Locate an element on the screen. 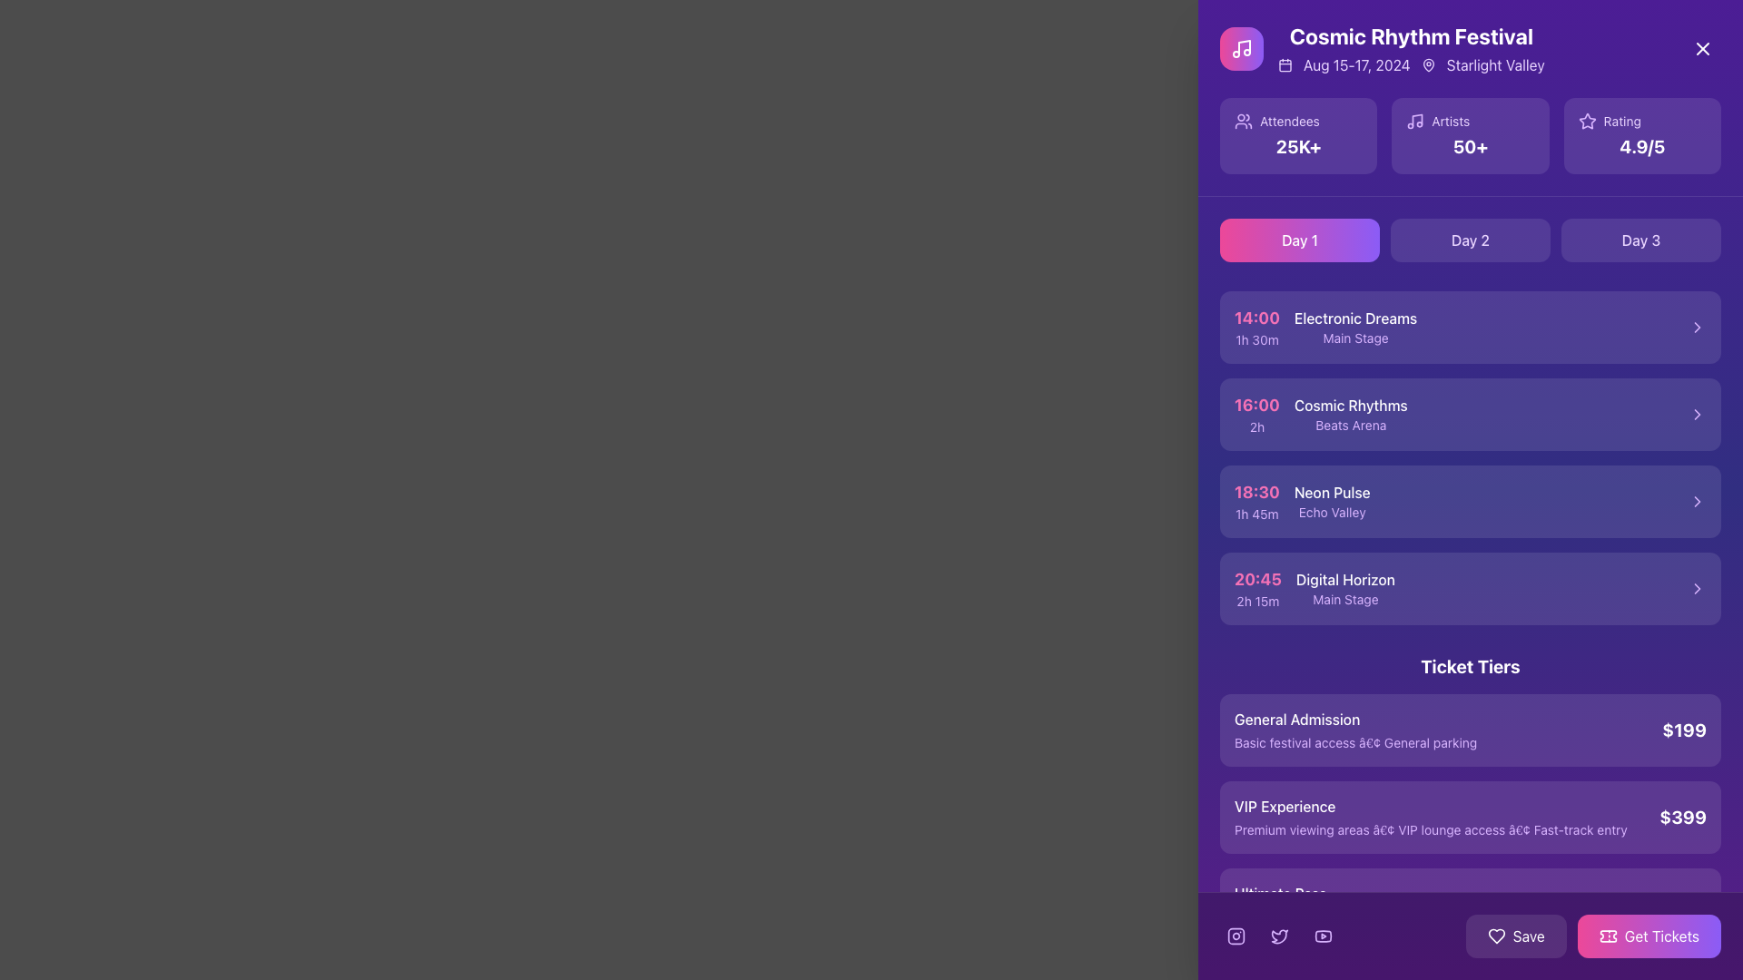 The image size is (1743, 980). the 'Attendees' text label, which is styled in light purple on a darker purple background, located above the attendee count '25k+' and to the left of 'Artists' is located at coordinates (1288, 122).